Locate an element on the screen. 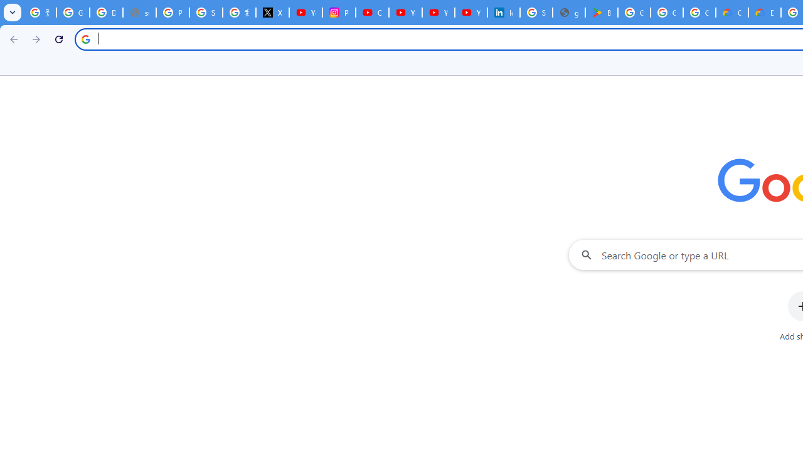 Image resolution: width=803 pixels, height=451 pixels. 'Privacy Help Center - Policies Help' is located at coordinates (172, 13).